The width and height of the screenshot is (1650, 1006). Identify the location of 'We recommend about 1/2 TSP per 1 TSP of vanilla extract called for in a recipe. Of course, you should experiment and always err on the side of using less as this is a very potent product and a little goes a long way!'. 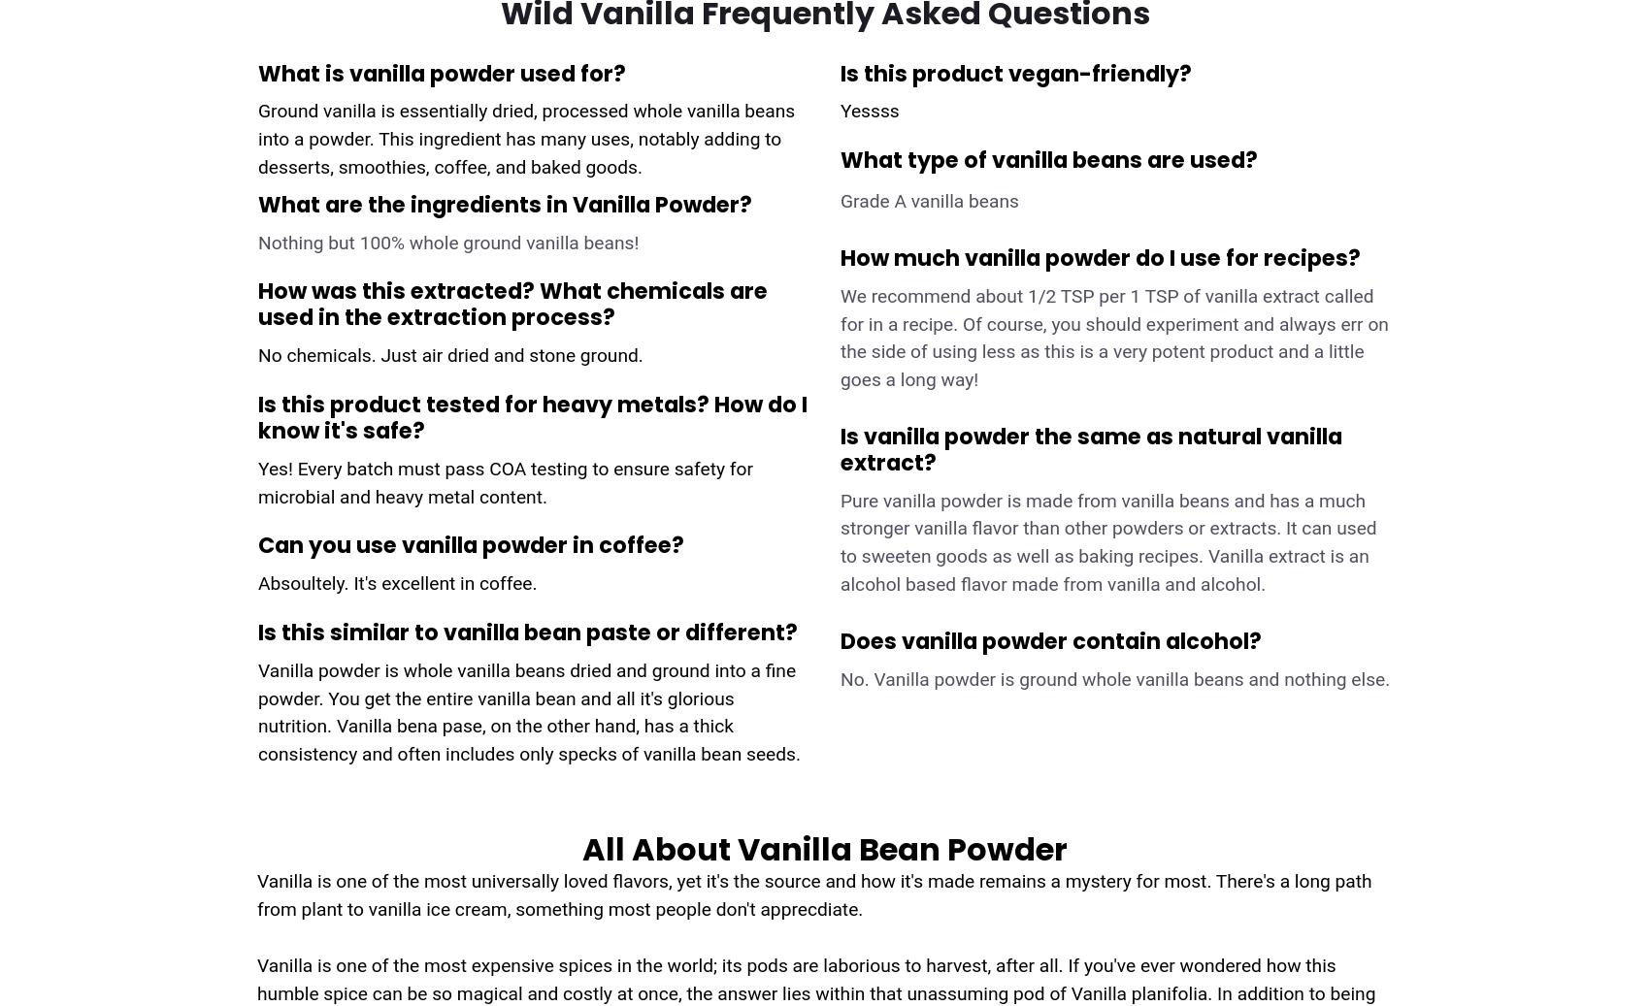
(1114, 337).